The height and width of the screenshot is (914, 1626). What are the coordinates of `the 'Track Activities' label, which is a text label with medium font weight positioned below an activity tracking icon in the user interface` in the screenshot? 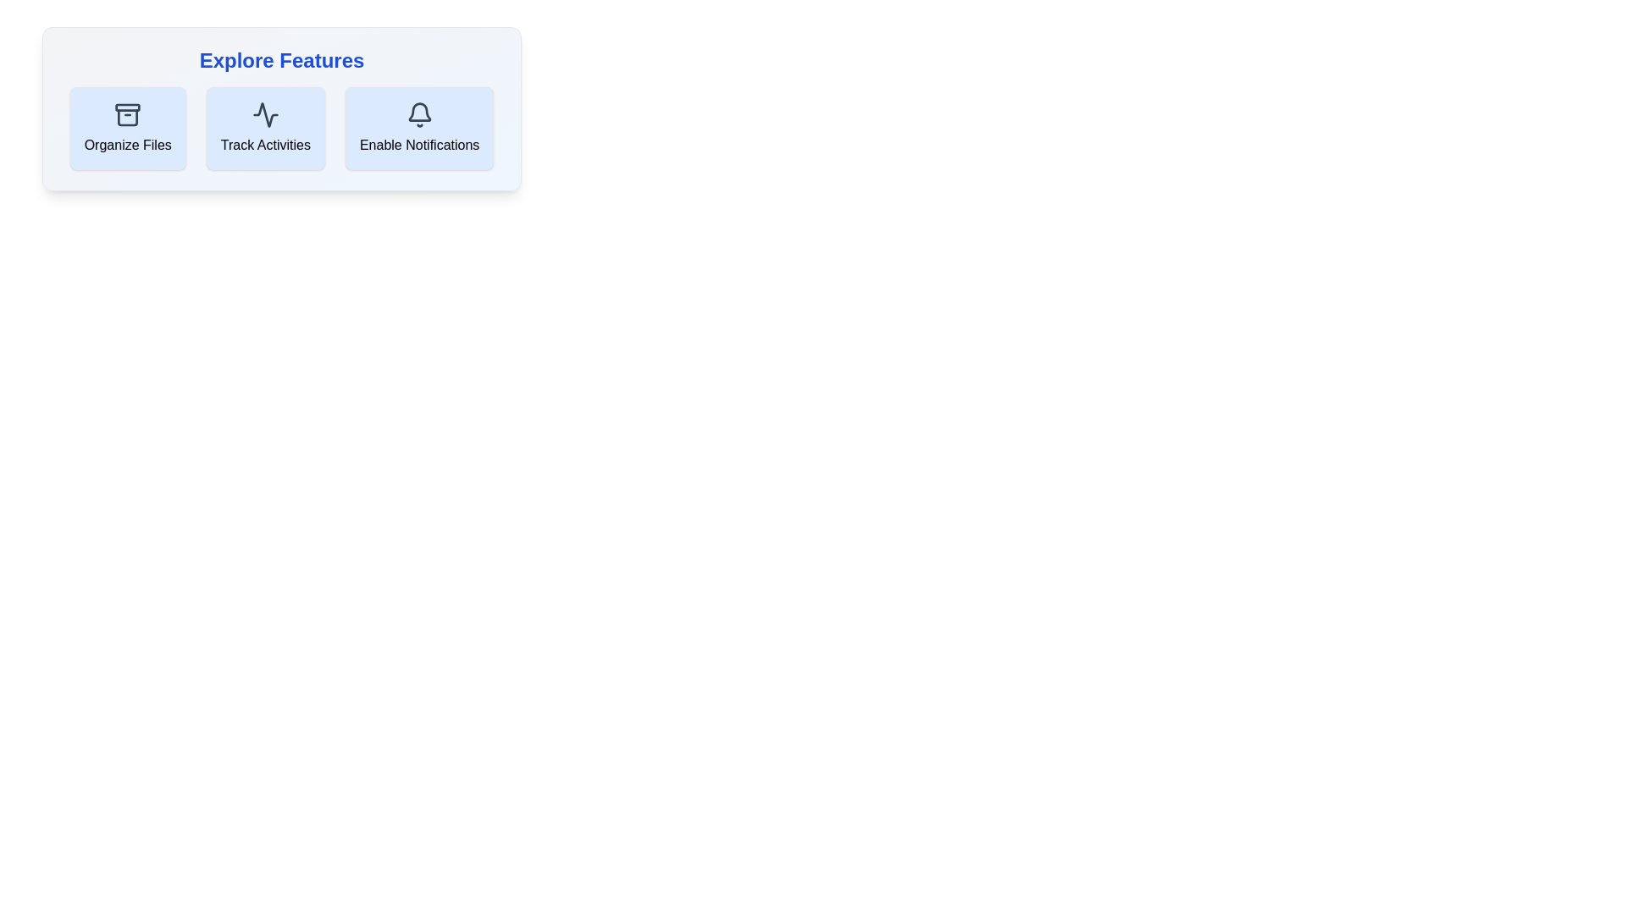 It's located at (264, 145).